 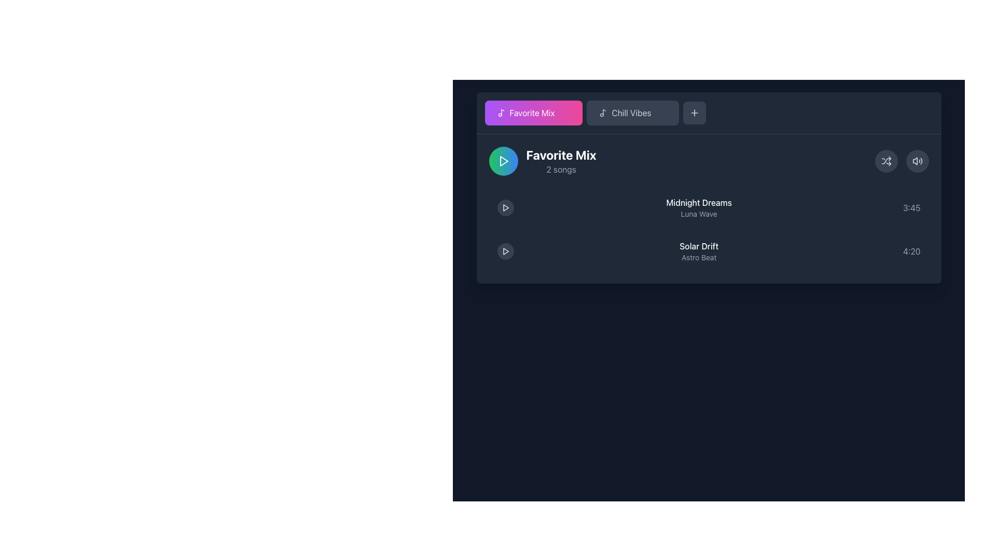 What do you see at coordinates (699, 251) in the screenshot?
I see `the text display element that identifies and selects the second song in the 'Favorite Mix' playlist to highlight the song or prepare it for playing` at bounding box center [699, 251].